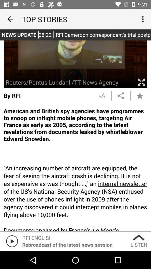 This screenshot has height=269, width=151. Describe the element at coordinates (11, 241) in the screenshot. I see `the play icon` at that location.